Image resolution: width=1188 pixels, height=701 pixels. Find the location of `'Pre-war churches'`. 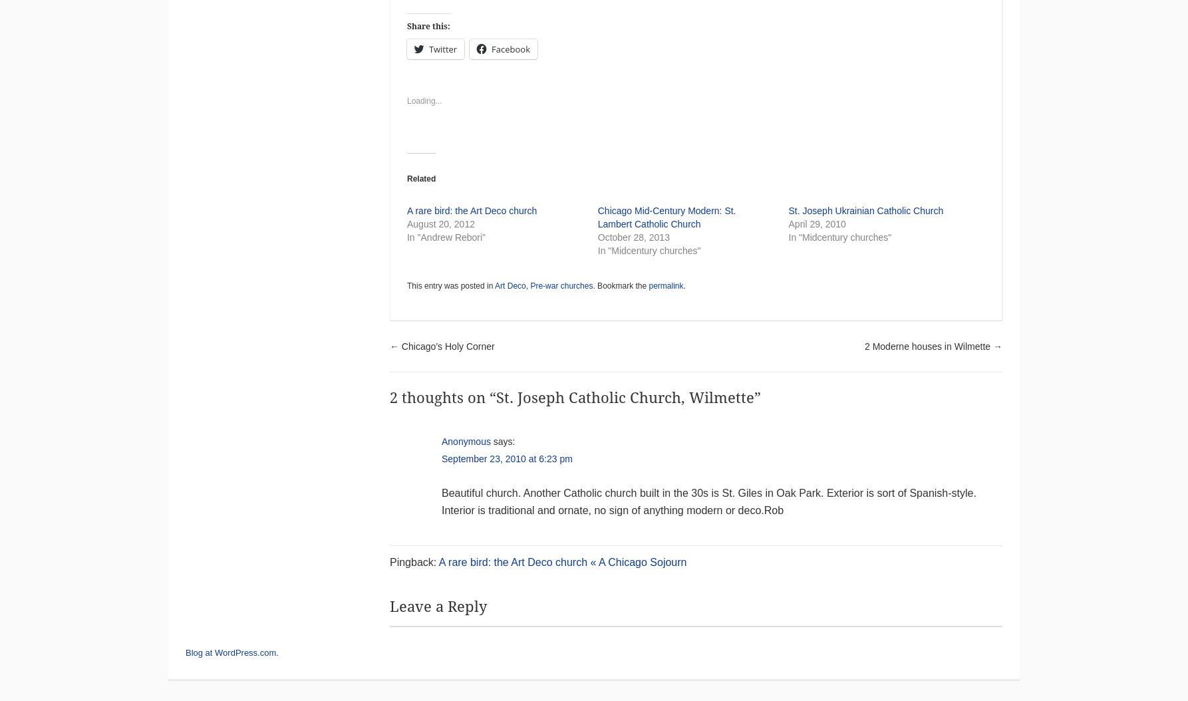

'Pre-war churches' is located at coordinates (561, 286).